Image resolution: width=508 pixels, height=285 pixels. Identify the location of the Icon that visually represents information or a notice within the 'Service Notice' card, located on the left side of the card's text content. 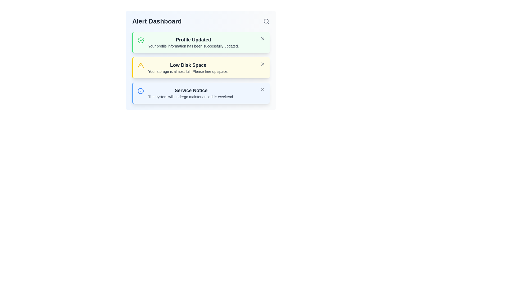
(141, 91).